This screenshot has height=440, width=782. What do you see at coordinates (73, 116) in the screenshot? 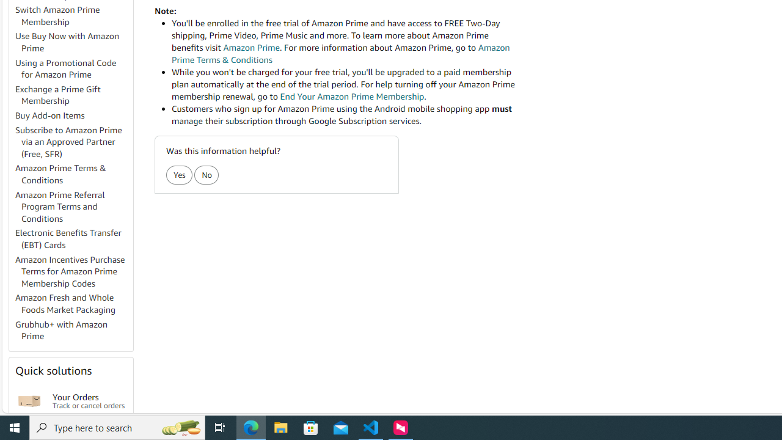
I see `'Buy Add-on Items'` at bounding box center [73, 116].